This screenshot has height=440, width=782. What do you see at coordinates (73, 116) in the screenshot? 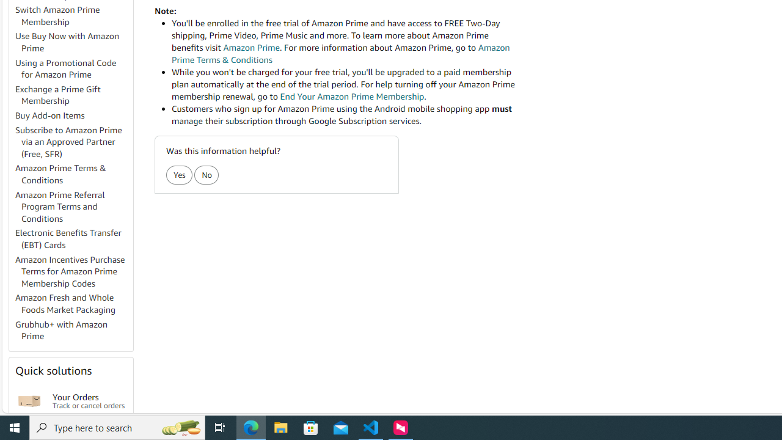
I see `'Buy Add-on Items'` at bounding box center [73, 116].